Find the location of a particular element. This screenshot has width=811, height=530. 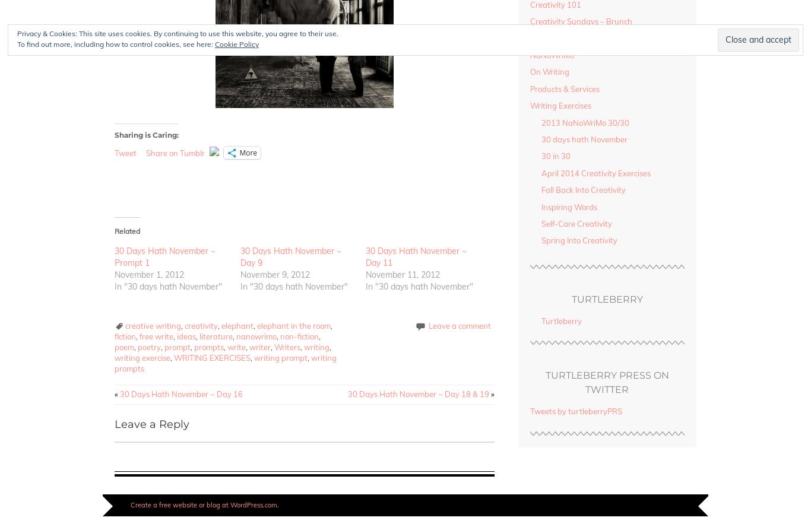

'30 Days Hath November ~ Day 18 & 19' is located at coordinates (347, 394).